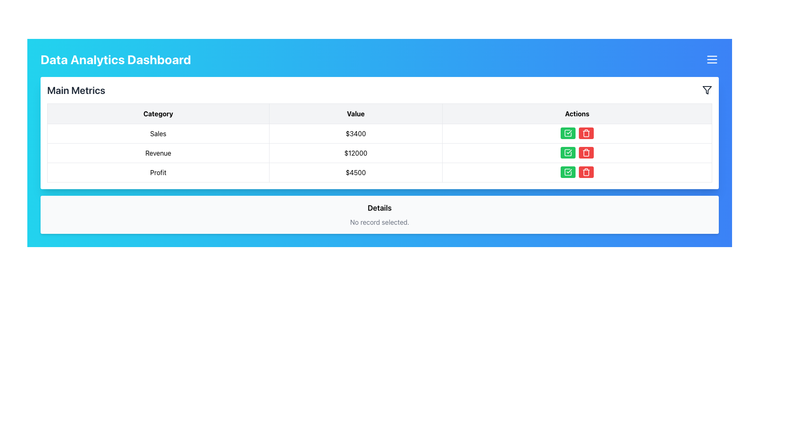 The height and width of the screenshot is (447, 795). I want to click on text label that represents the category 'Profit' located in the third row of the table under the 'Category' column, positioned left of the numerical value '$4500', so click(158, 172).